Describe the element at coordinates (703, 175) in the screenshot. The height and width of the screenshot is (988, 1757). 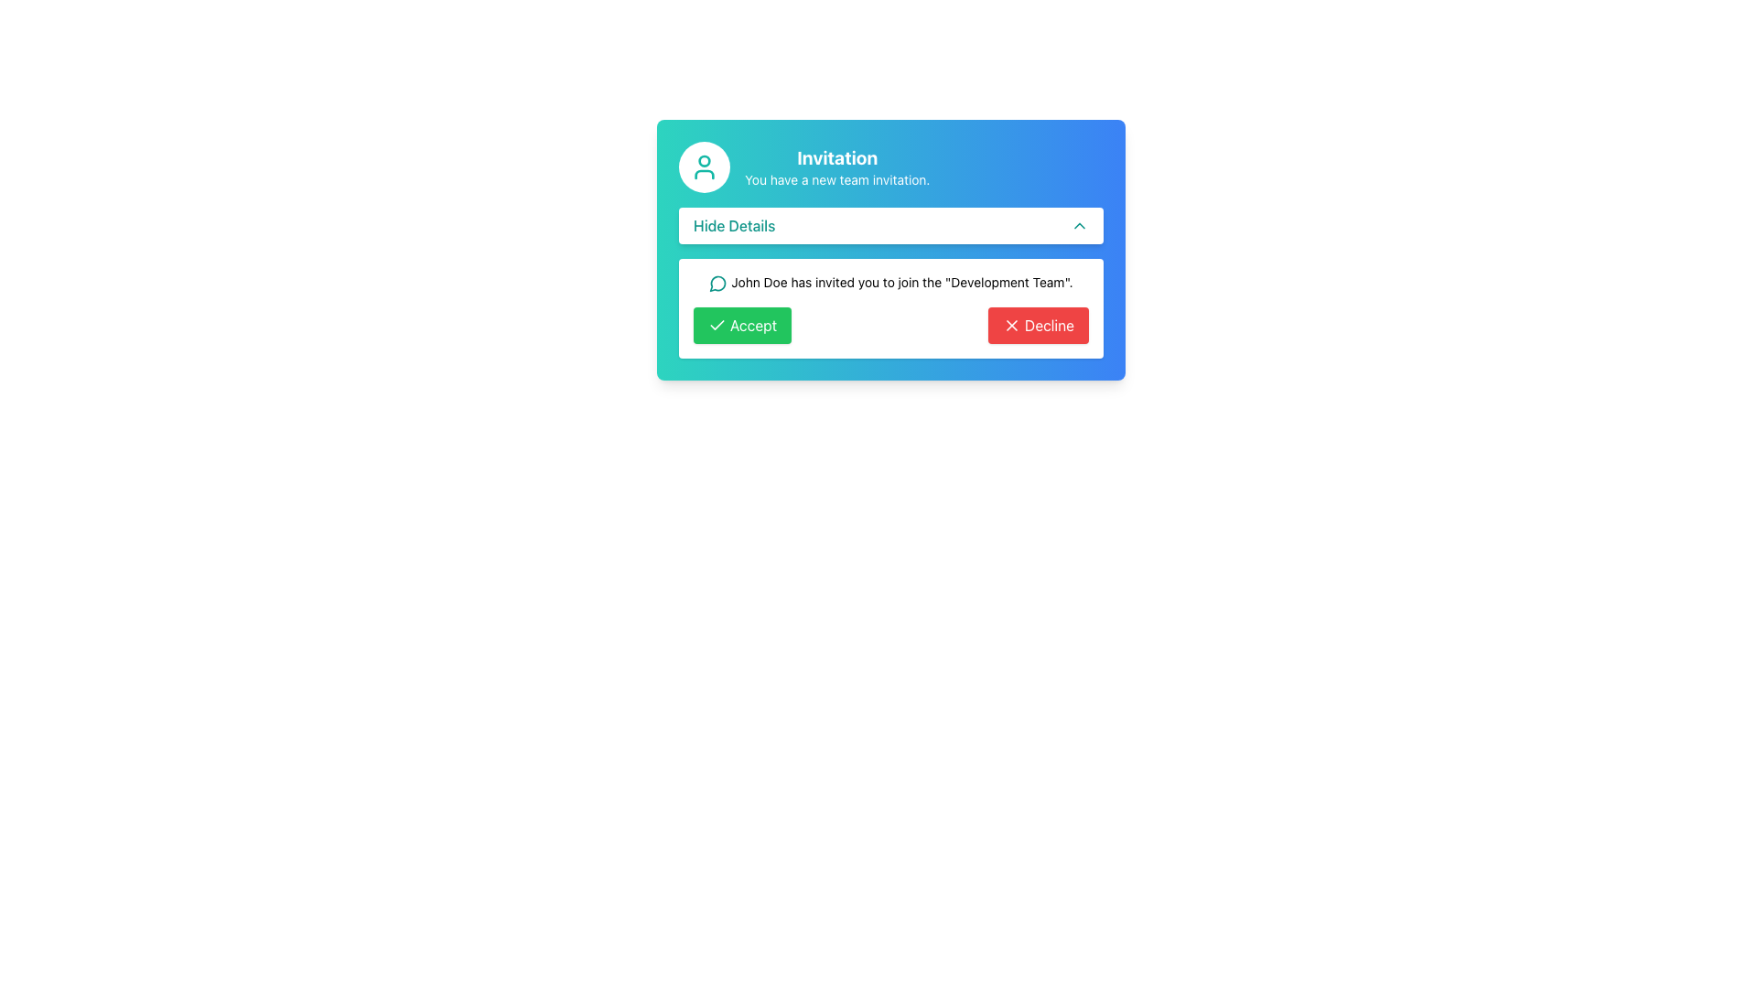
I see `lower portion of the user icon component in the SVG, which represents the shoulders or torso of the user, by opening the developer tools` at that location.